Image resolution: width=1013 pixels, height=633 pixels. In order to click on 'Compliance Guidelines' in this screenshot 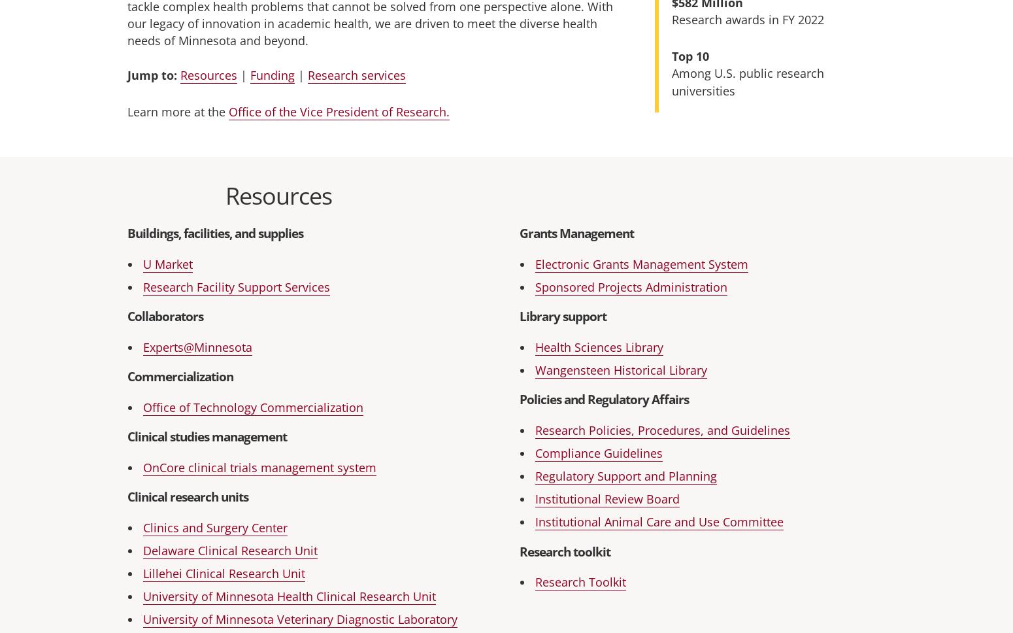, I will do `click(599, 452)`.